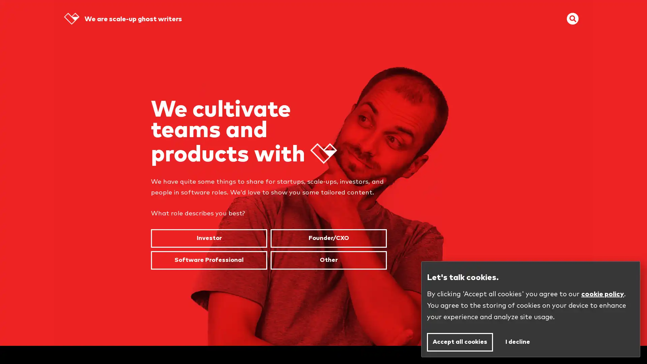 This screenshot has height=364, width=647. What do you see at coordinates (329, 238) in the screenshot?
I see `Founder/CXO` at bounding box center [329, 238].